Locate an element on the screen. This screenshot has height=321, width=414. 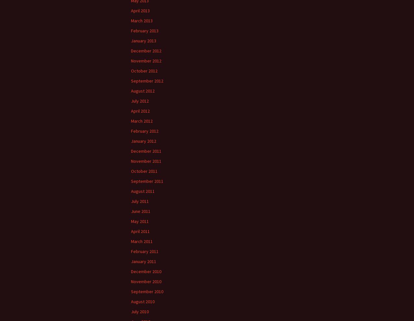
'December 2011' is located at coordinates (130, 151).